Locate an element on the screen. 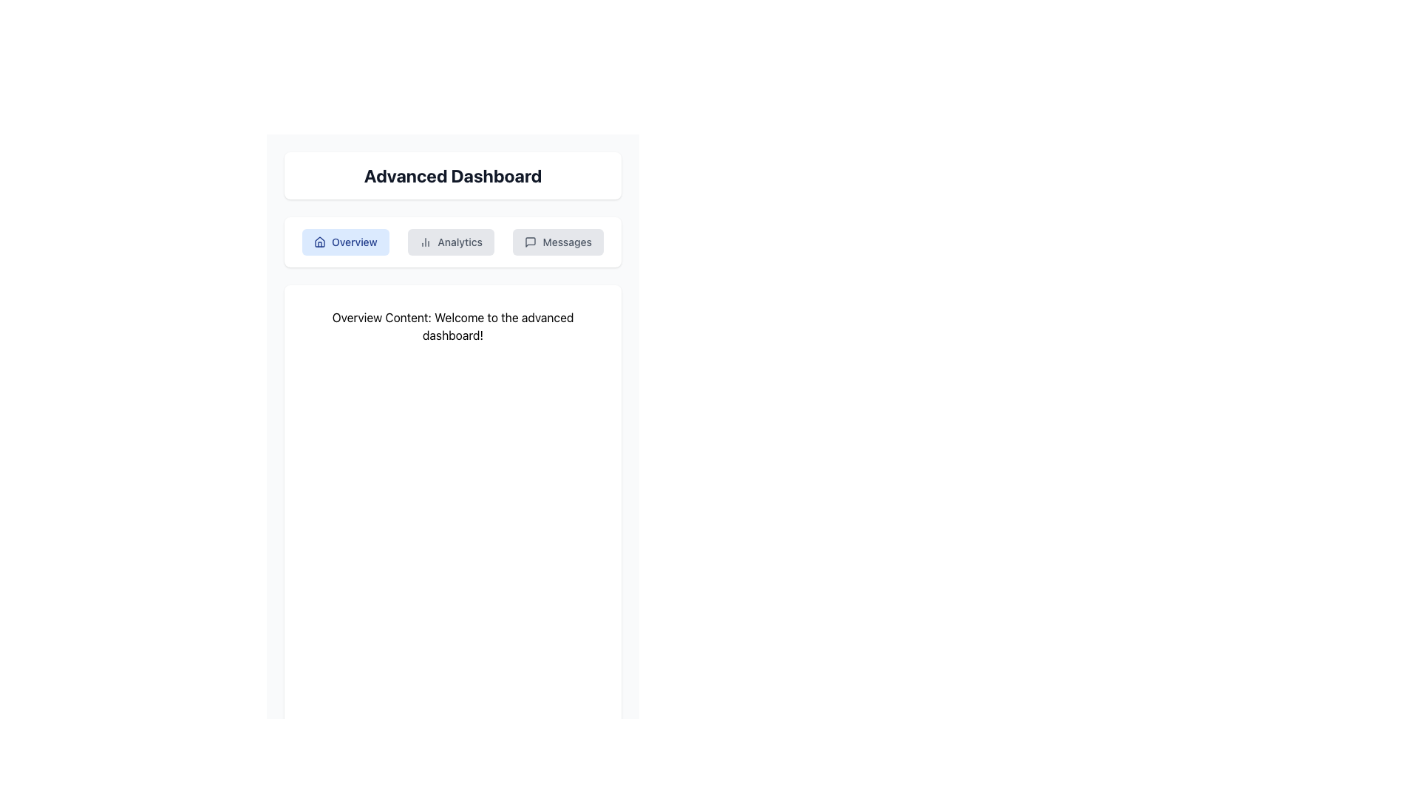  the Static text block that provides an introductory message or welcome content to the user within the dashboard context, located centrally under the dashboard header is located at coordinates (452, 326).